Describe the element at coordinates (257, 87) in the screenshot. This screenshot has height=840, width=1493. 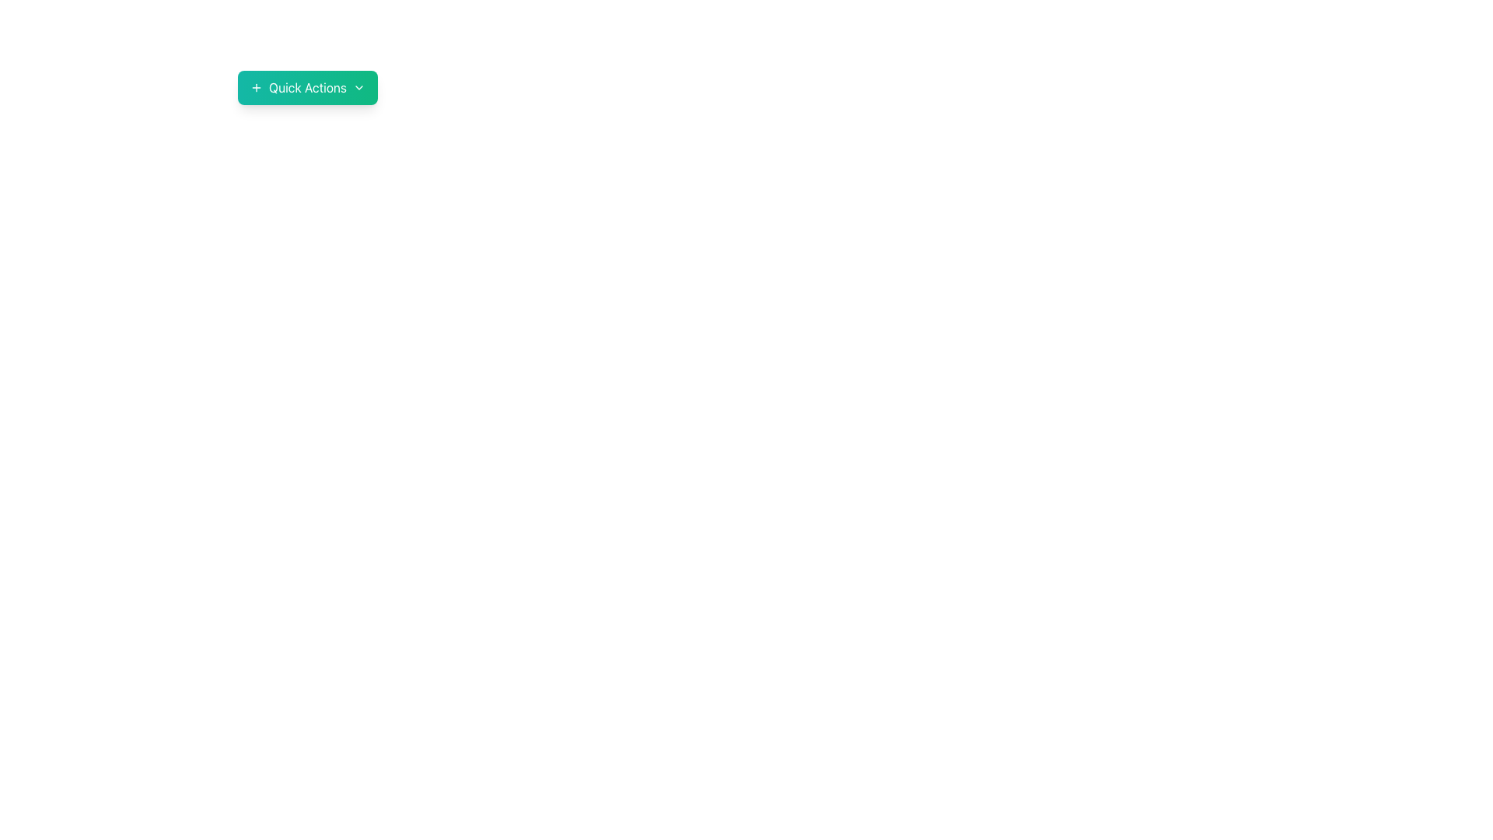
I see `the '+' icon located on the left side of the 'Quick Actions' button, which serves to add or expand actions` at that location.